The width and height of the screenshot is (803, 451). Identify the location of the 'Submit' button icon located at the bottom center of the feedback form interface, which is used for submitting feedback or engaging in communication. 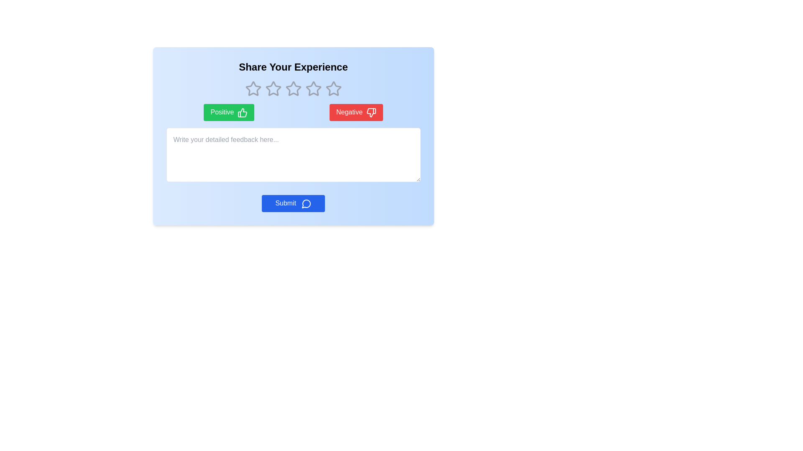
(306, 204).